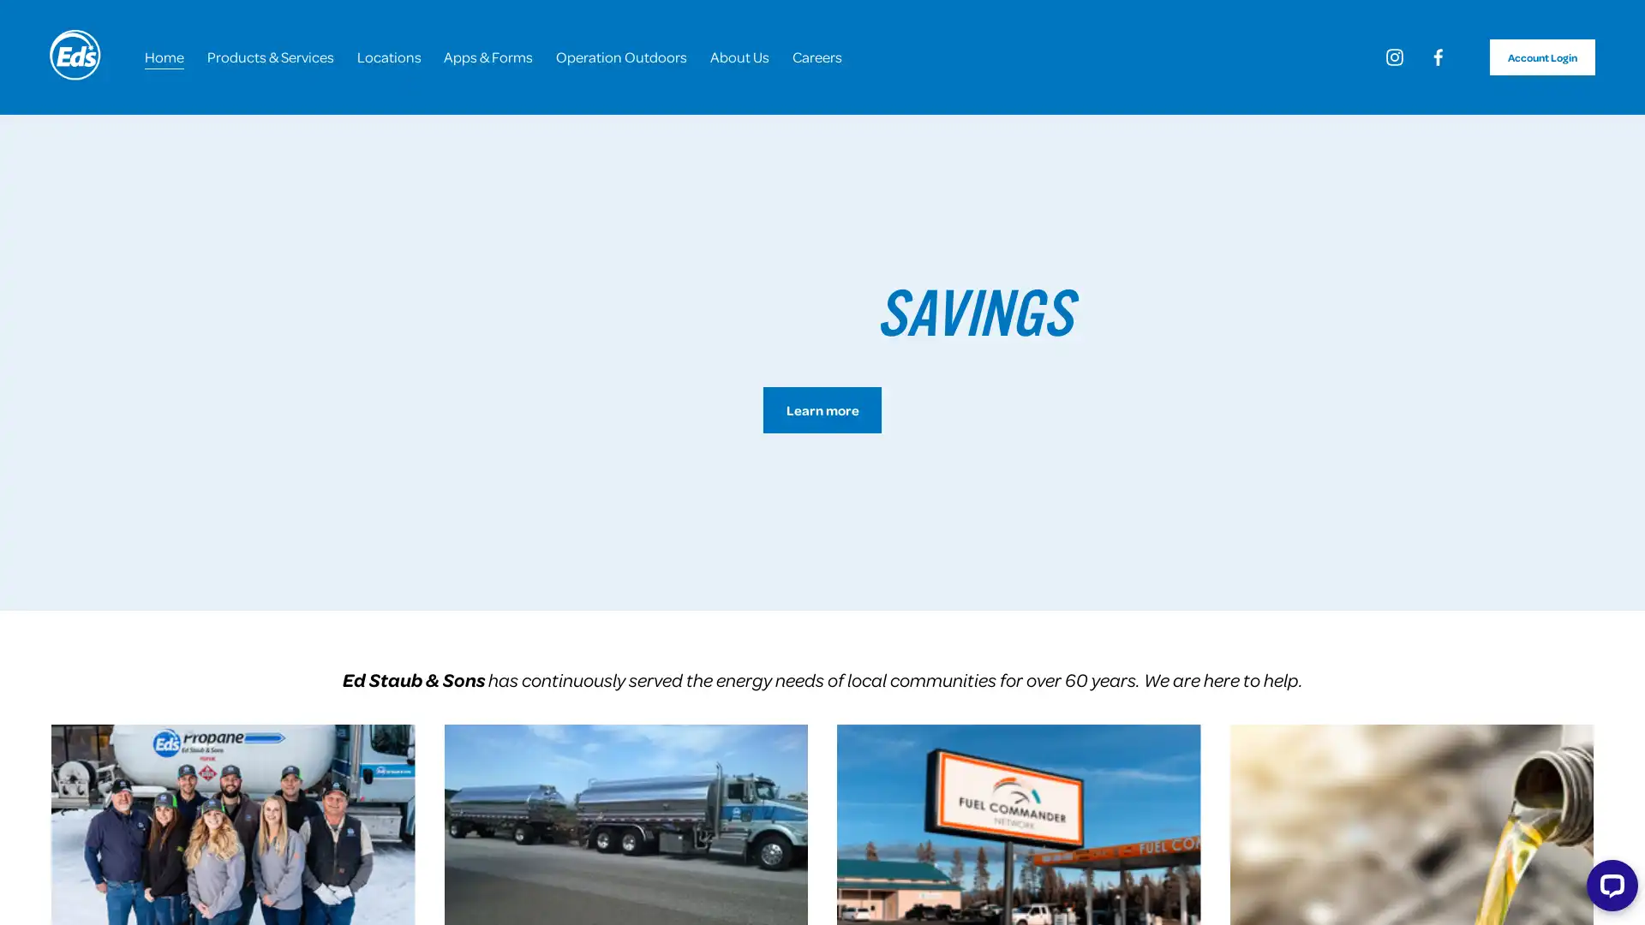 The width and height of the screenshot is (1645, 925). What do you see at coordinates (1021, 260) in the screenshot?
I see `Close` at bounding box center [1021, 260].